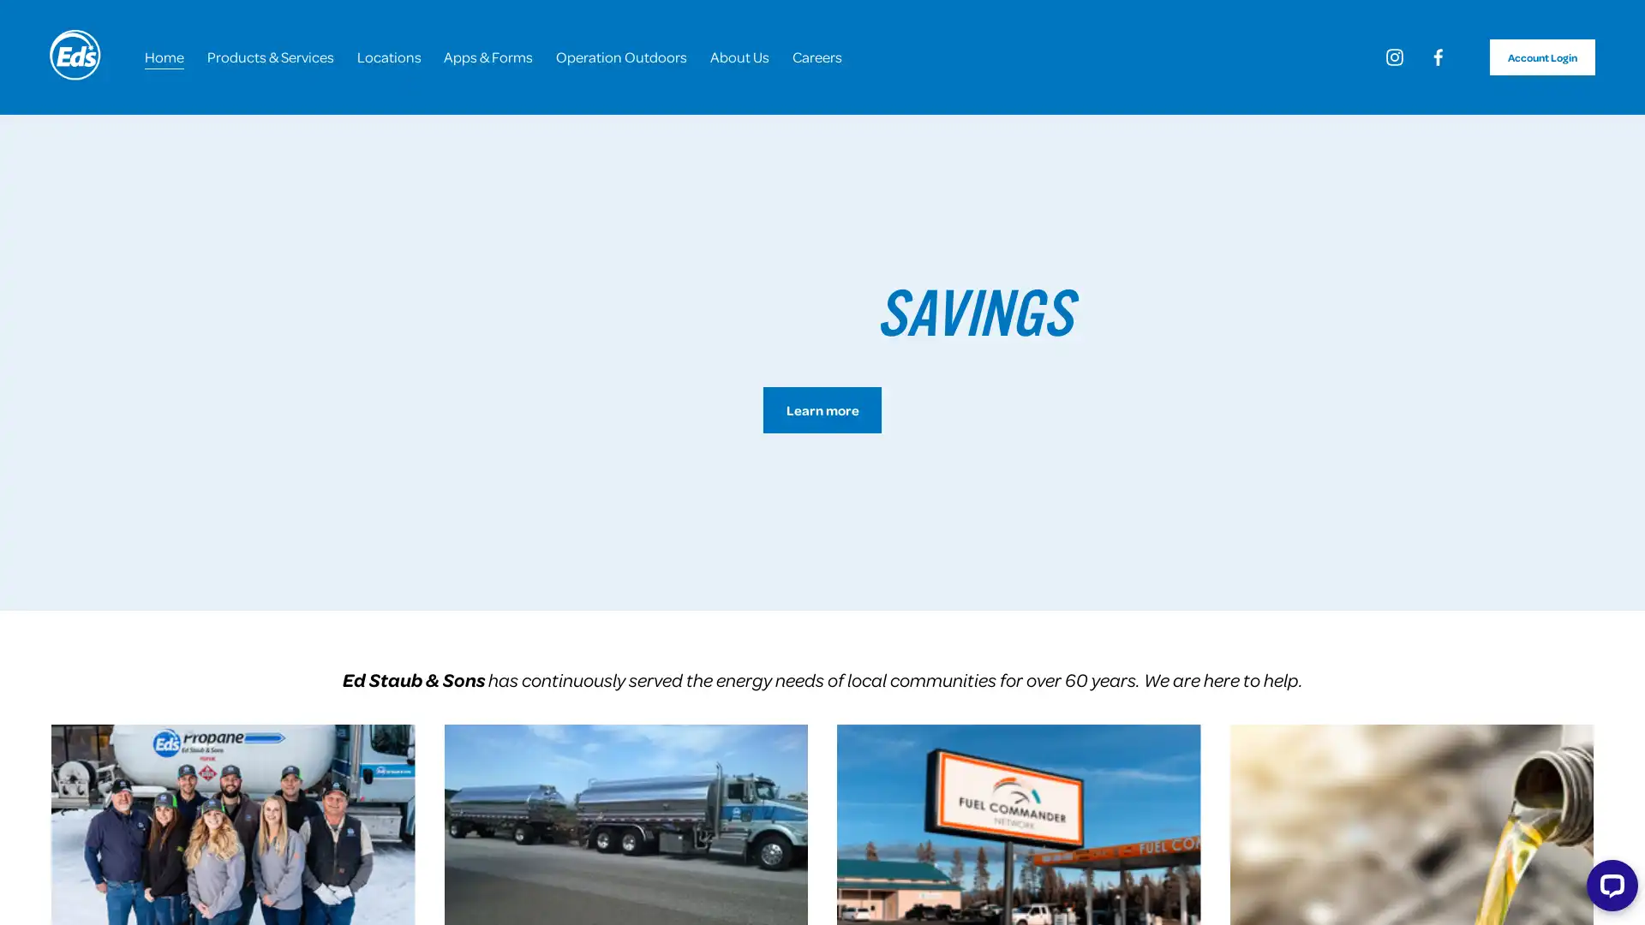 The width and height of the screenshot is (1645, 925). What do you see at coordinates (1021, 260) in the screenshot?
I see `Close` at bounding box center [1021, 260].